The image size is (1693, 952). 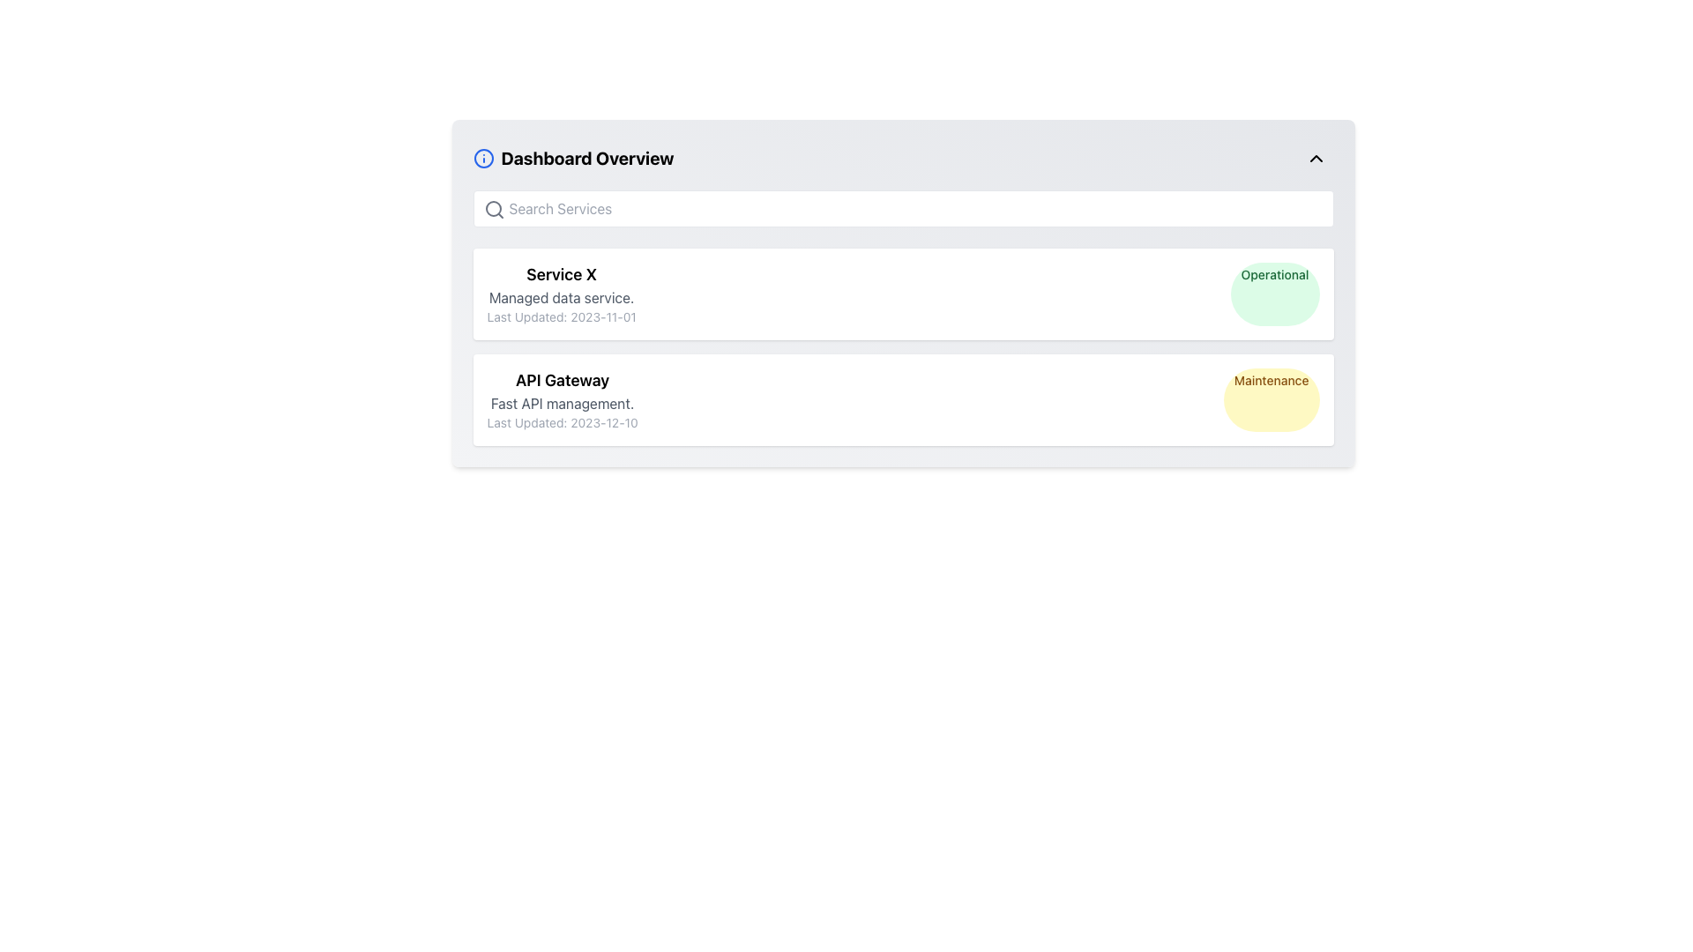 What do you see at coordinates (562, 380) in the screenshot?
I see `the 'API Gateway' text label, which serves as a title for the service entry, located in the second card of the service list` at bounding box center [562, 380].